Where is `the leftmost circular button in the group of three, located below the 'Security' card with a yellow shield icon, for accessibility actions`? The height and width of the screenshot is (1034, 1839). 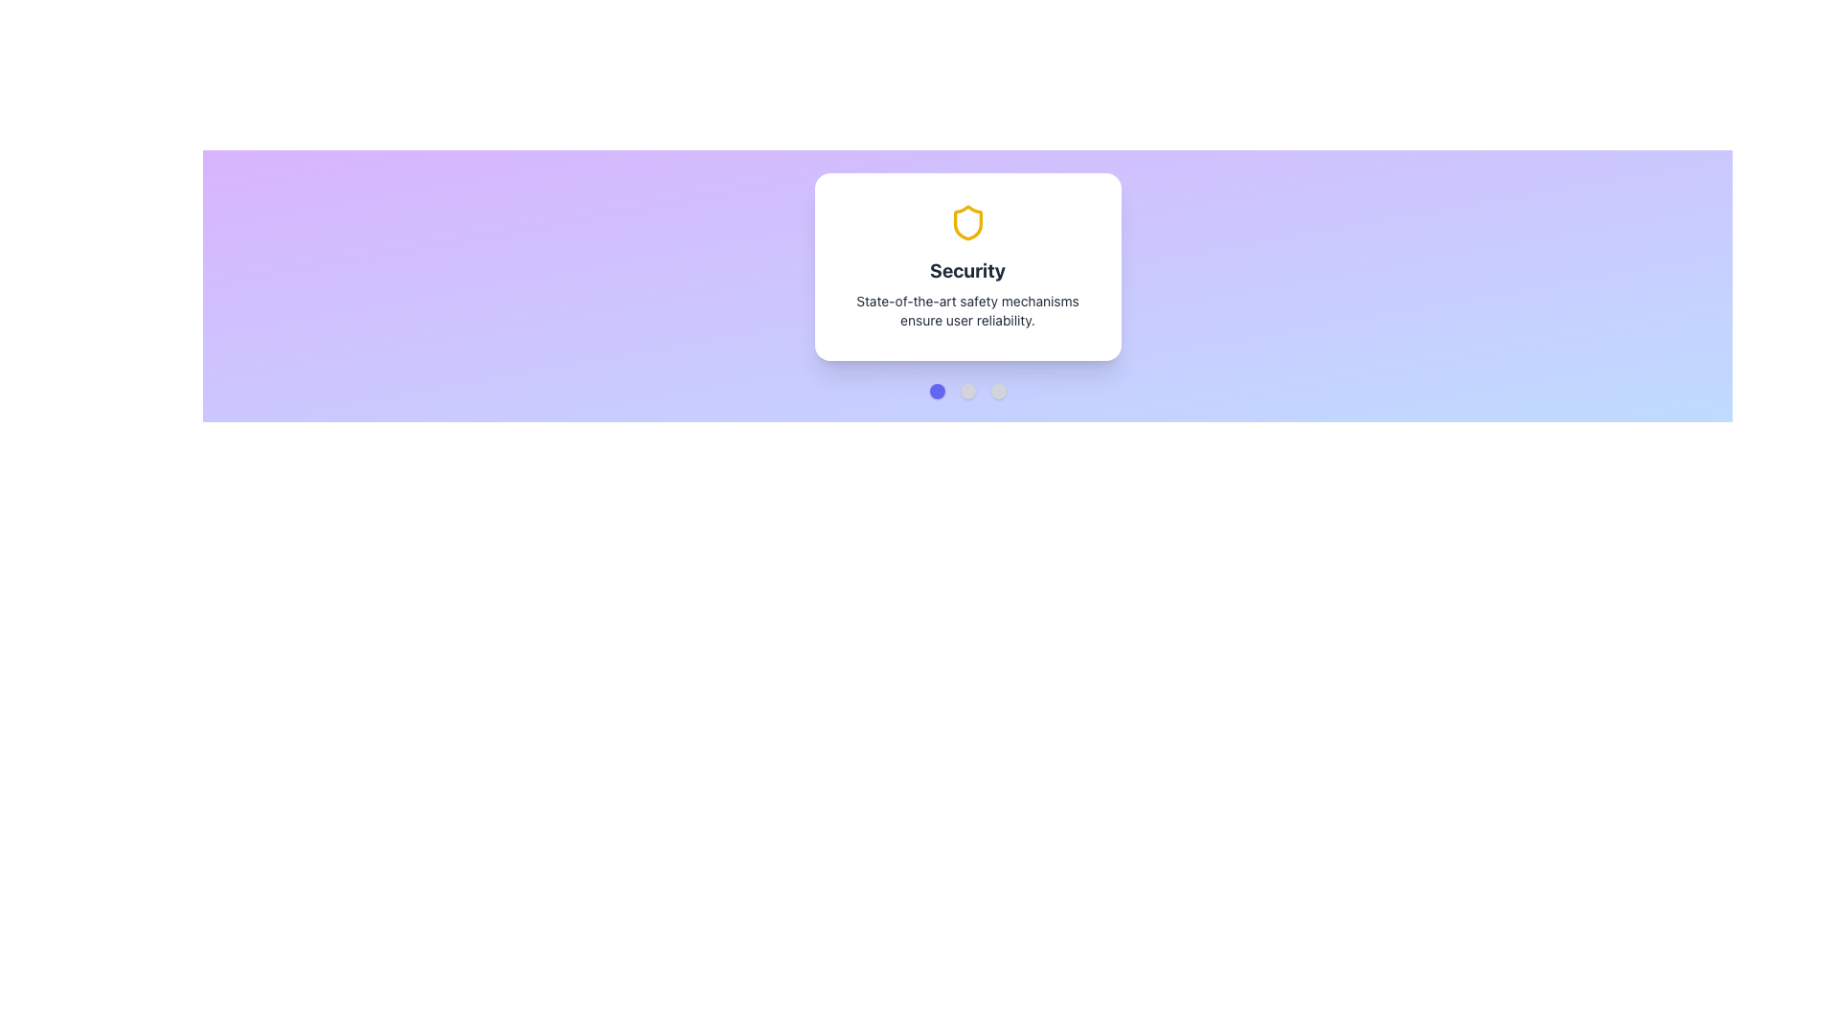
the leftmost circular button in the group of three, located below the 'Security' card with a yellow shield icon, for accessibility actions is located at coordinates (937, 390).